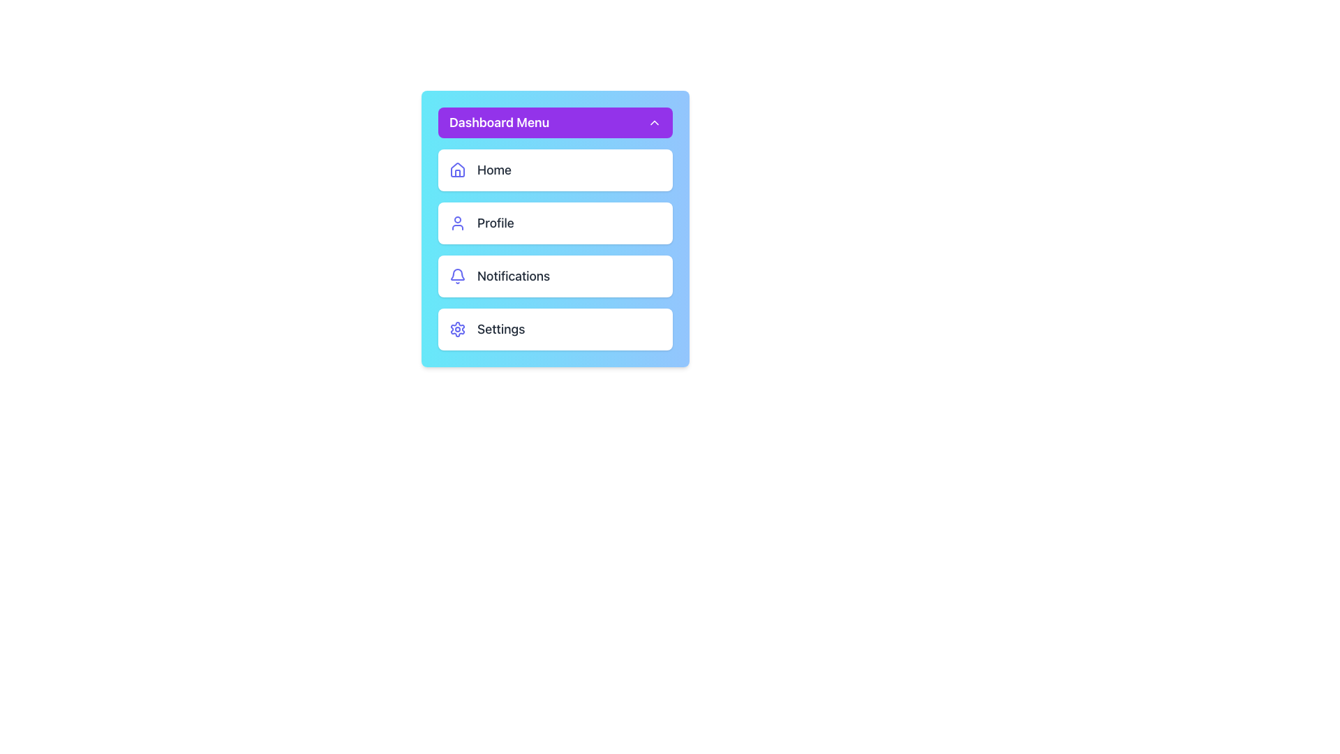 The width and height of the screenshot is (1340, 754). What do you see at coordinates (458, 329) in the screenshot?
I see `the settings icon located in the bottom right corner of the vertical menu, adjacent to the 'Settings' option text` at bounding box center [458, 329].